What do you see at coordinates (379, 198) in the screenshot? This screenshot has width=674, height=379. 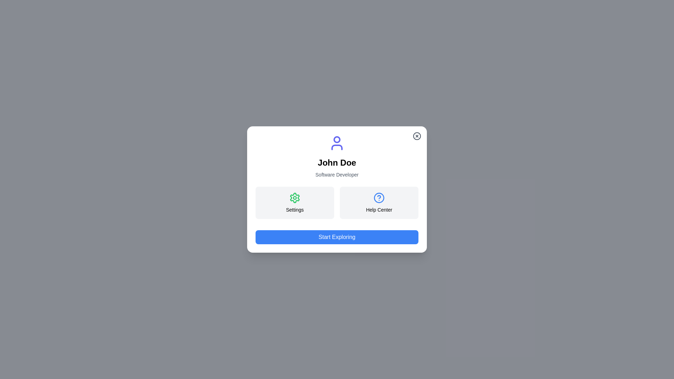 I see `the circular blue icon with a question mark located above the 'Help Center' text, which is positioned in the right box among two side-by-side options` at bounding box center [379, 198].